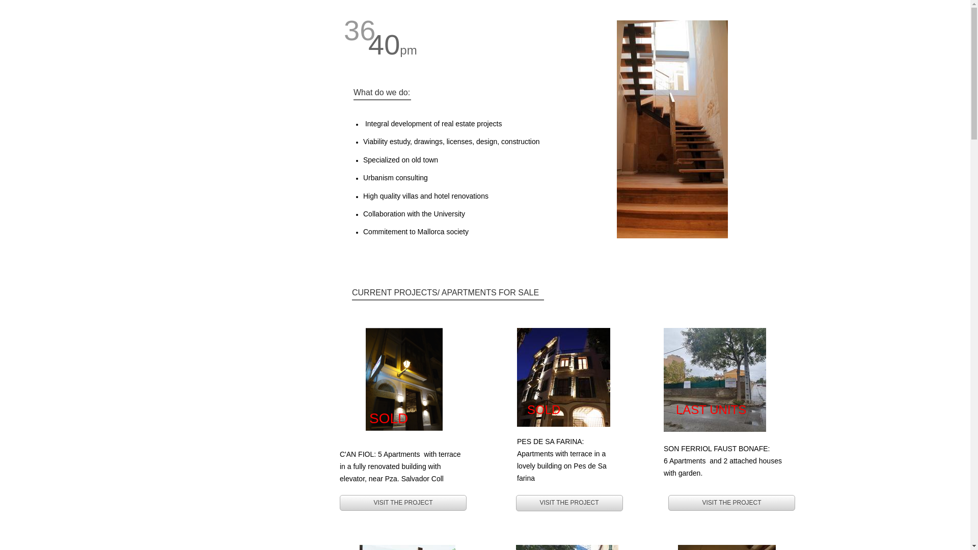 The height and width of the screenshot is (550, 978). Describe the element at coordinates (568, 502) in the screenshot. I see `'VISIT THE PROJECT'` at that location.